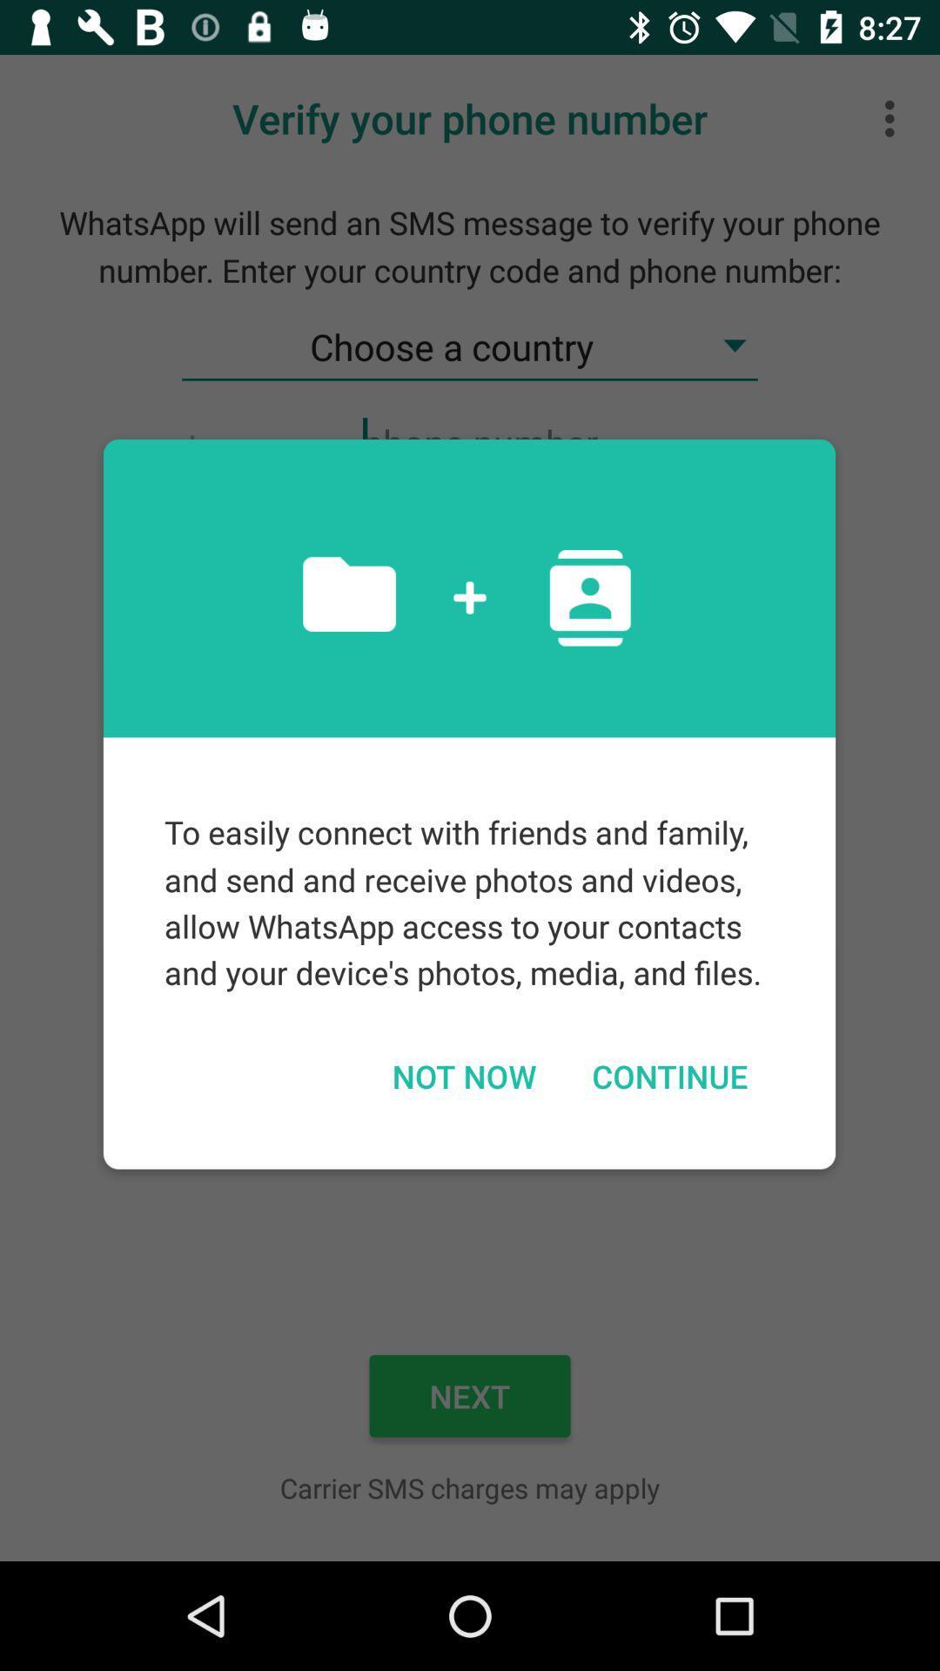  Describe the element at coordinates (668, 1075) in the screenshot. I see `icon next to the not now icon` at that location.